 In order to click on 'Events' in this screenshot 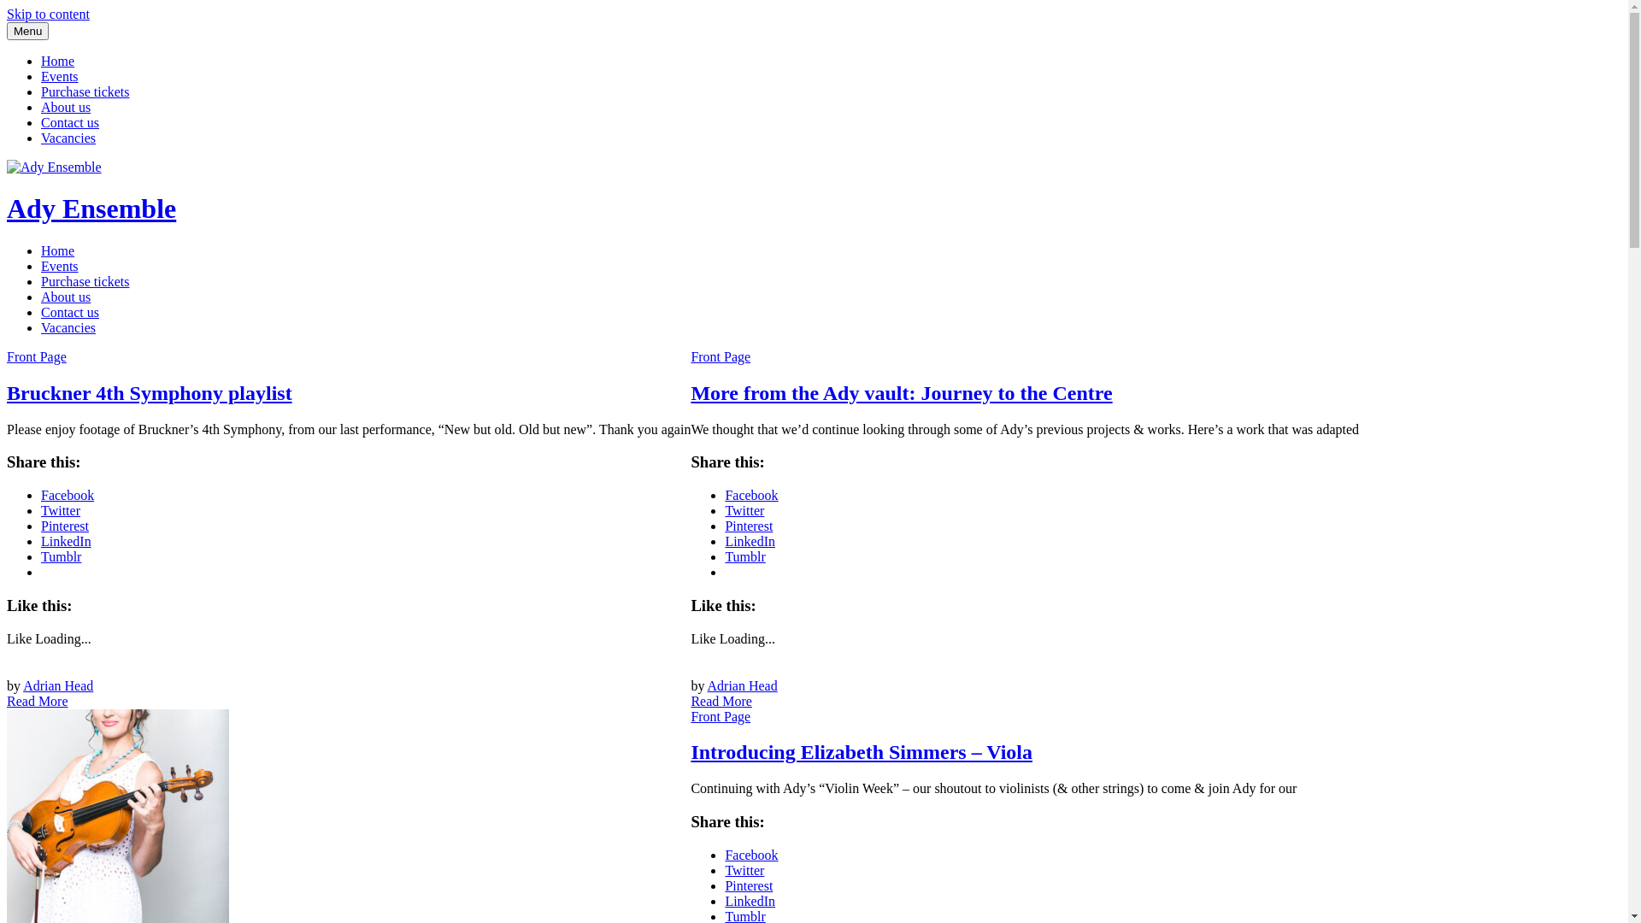, I will do `click(60, 266)`.